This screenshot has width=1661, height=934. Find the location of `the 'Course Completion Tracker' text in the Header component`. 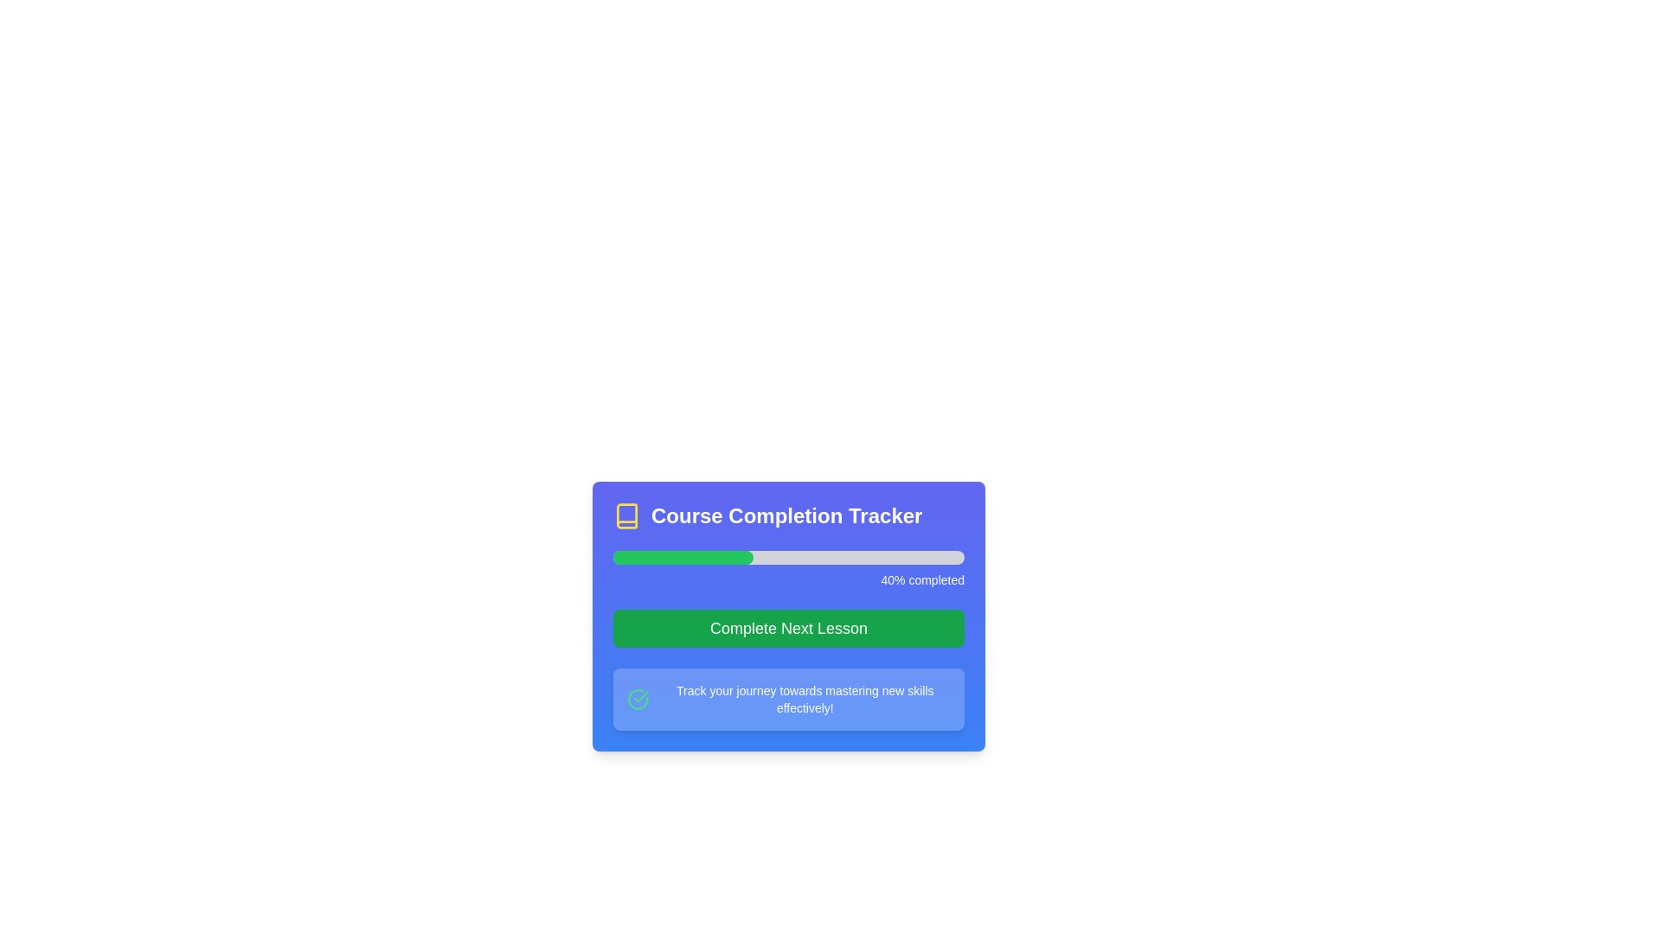

the 'Course Completion Tracker' text in the Header component is located at coordinates (788, 515).